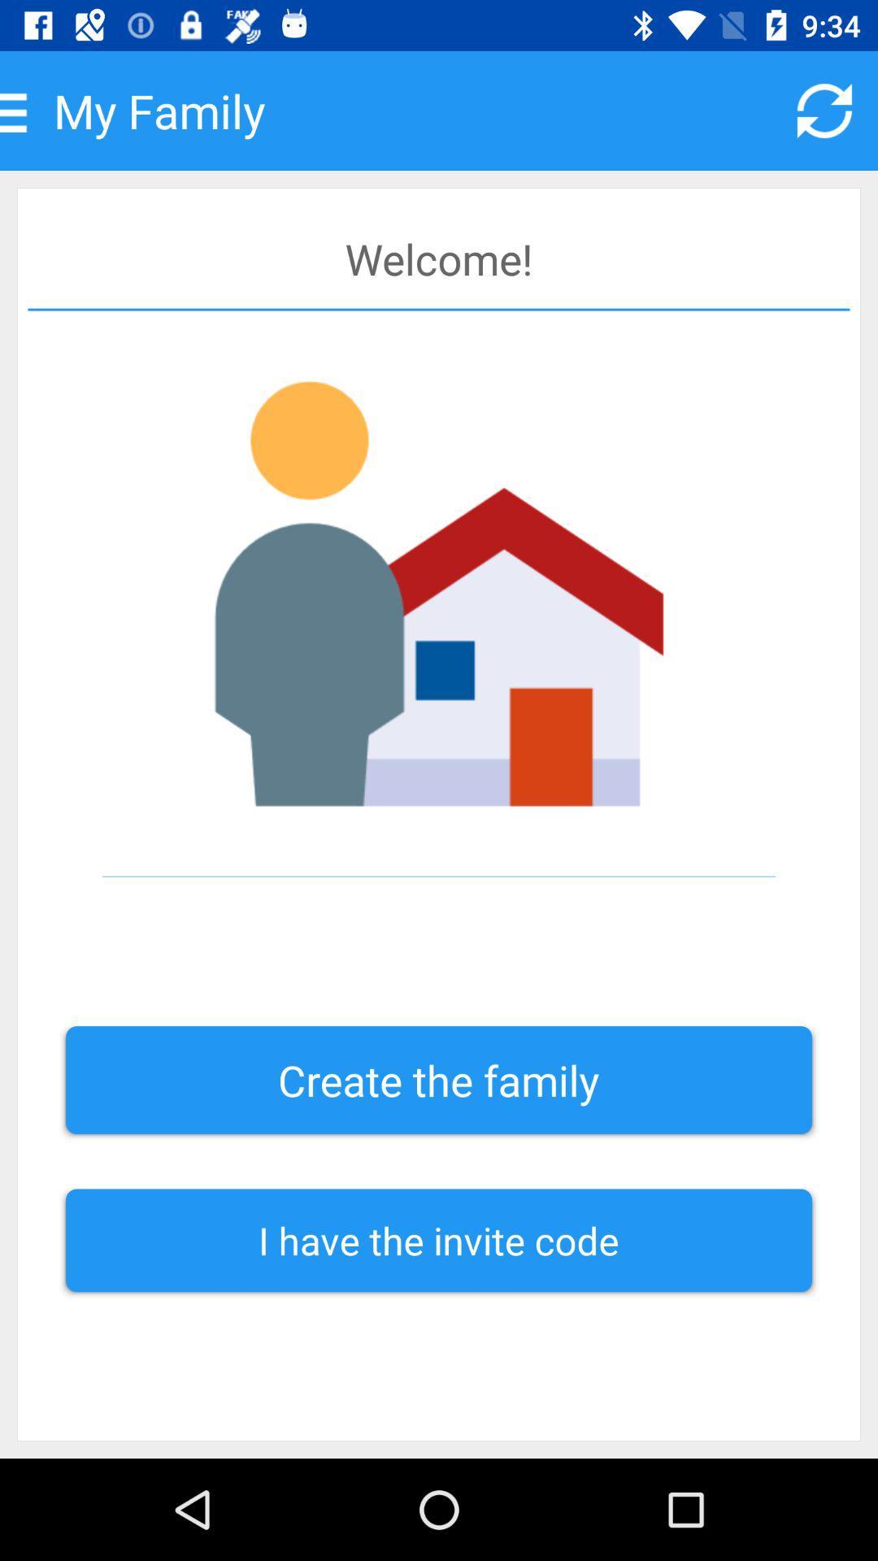 This screenshot has height=1561, width=878. What do you see at coordinates (824, 110) in the screenshot?
I see `refresh` at bounding box center [824, 110].